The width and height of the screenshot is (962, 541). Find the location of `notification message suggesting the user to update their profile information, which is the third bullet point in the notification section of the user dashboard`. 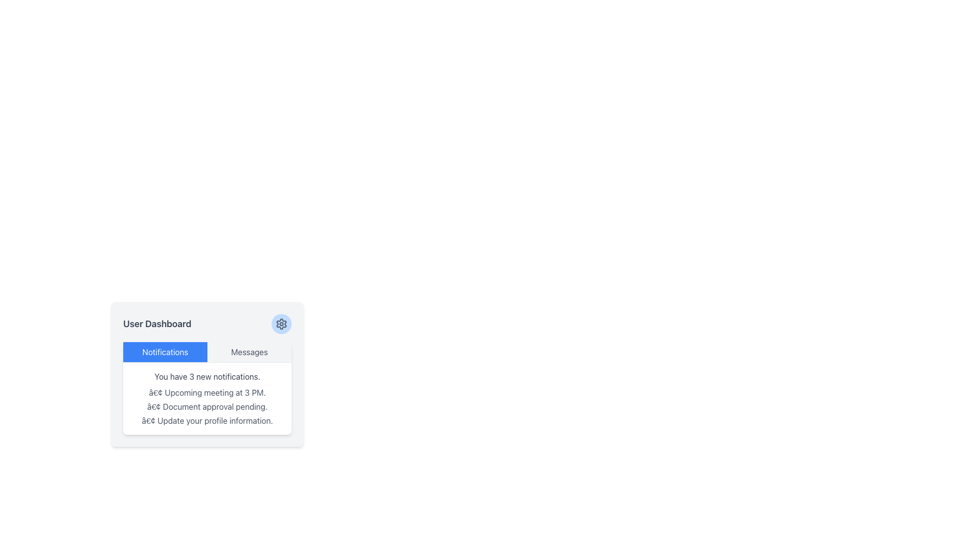

notification message suggesting the user to update their profile information, which is the third bullet point in the notification section of the user dashboard is located at coordinates (206, 421).